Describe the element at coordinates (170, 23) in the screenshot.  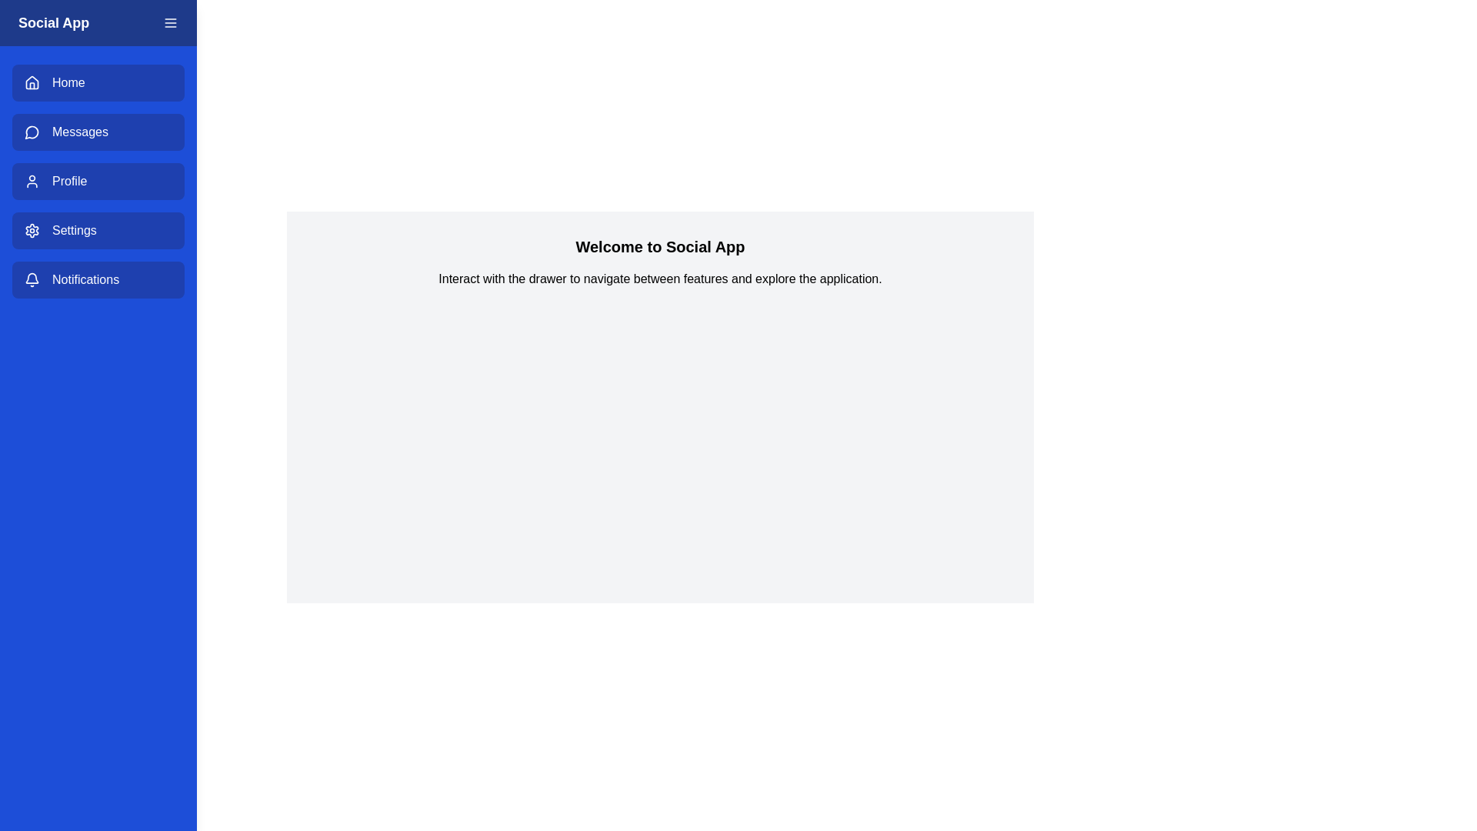
I see `the menu button to toggle the drawer visibility` at that location.